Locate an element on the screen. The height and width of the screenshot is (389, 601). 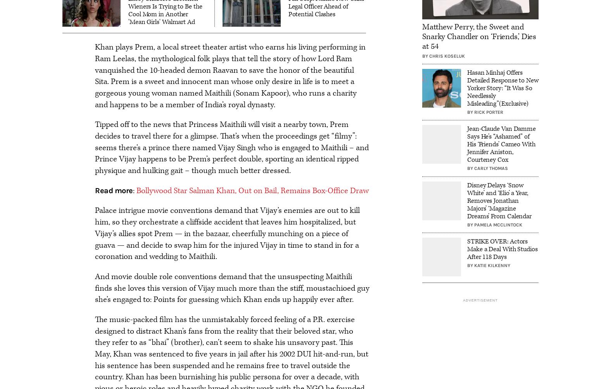
', the mythological folk plays that tell the story of how Lord Ram vanquished the 10-headed demon' is located at coordinates (223, 64).